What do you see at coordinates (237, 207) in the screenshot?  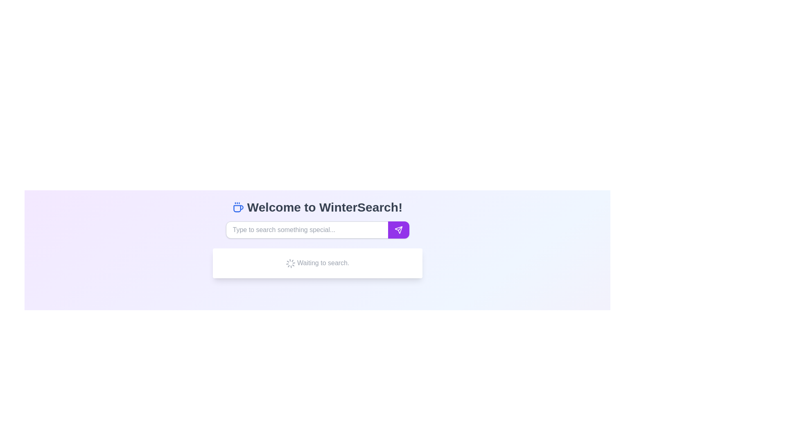 I see `the coffee cup icon located at the beginning of the header section, which enhances the visual appeal of the welcome text 'Welcome to WinterSearch!'` at bounding box center [237, 207].